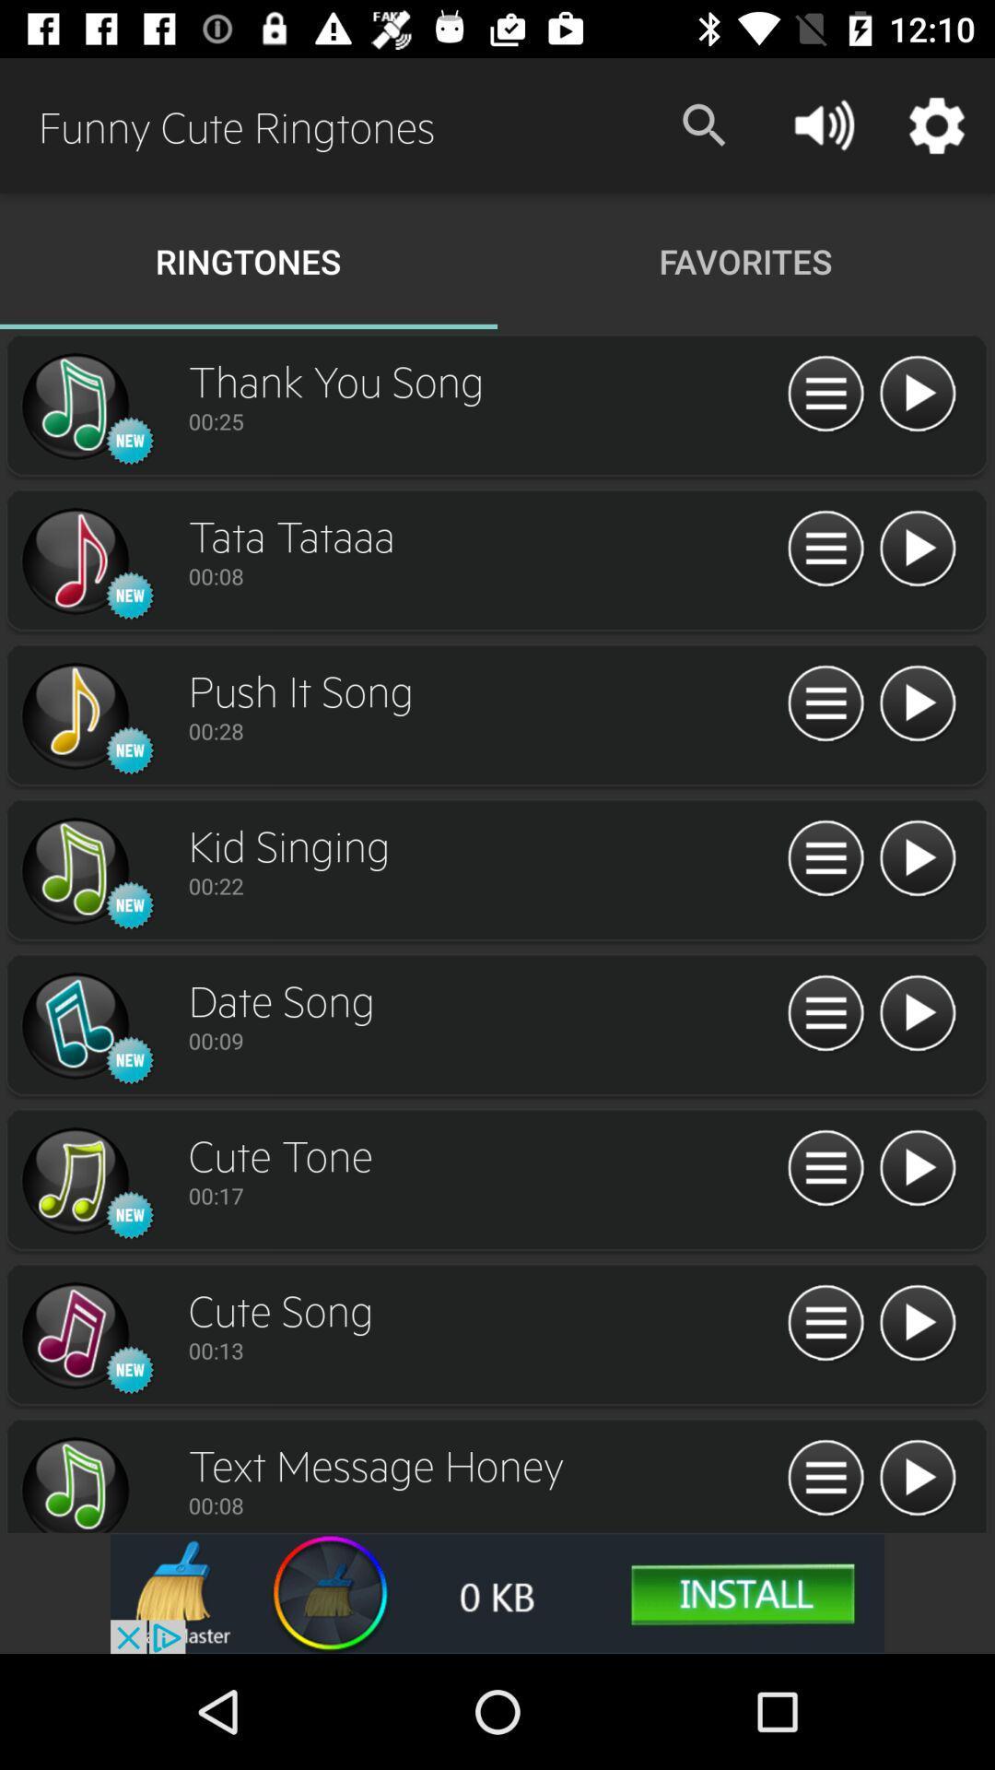 This screenshot has width=995, height=1770. What do you see at coordinates (825, 549) in the screenshot?
I see `tap to see more options` at bounding box center [825, 549].